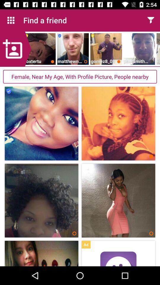 The height and width of the screenshot is (285, 160). I want to click on tourch button, so click(151, 20).